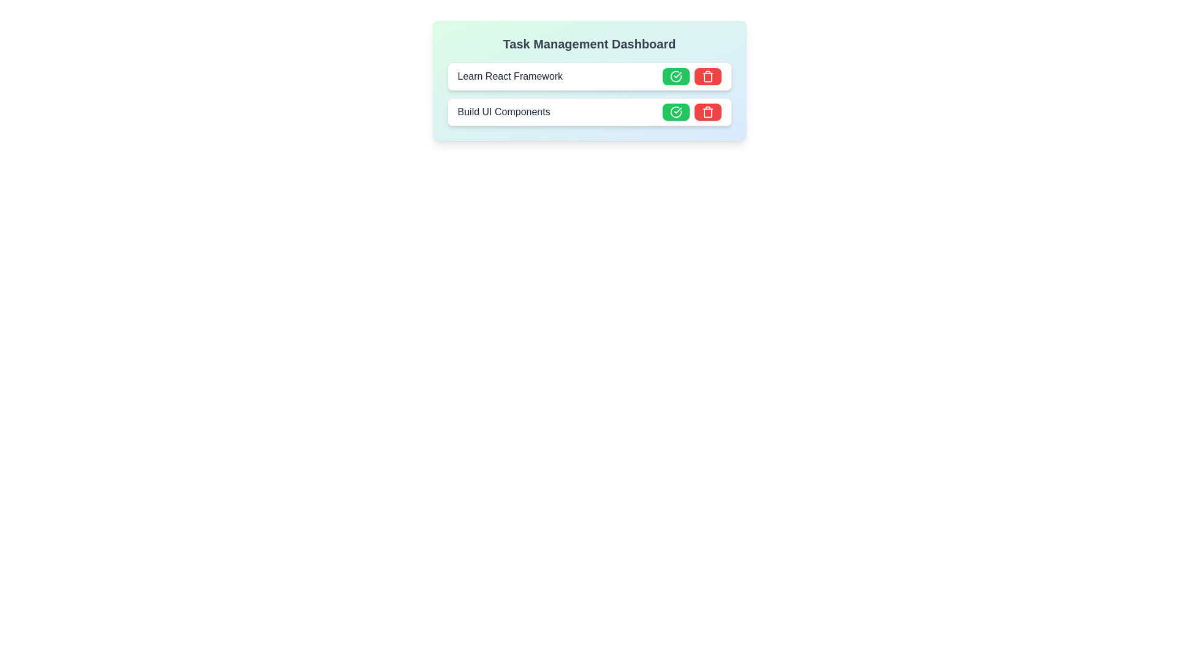 Image resolution: width=1177 pixels, height=662 pixels. What do you see at coordinates (707, 112) in the screenshot?
I see `the delete button located to the right of the green checkmark button in the second task item labeled 'Build UI Components' for any animations or feedback` at bounding box center [707, 112].